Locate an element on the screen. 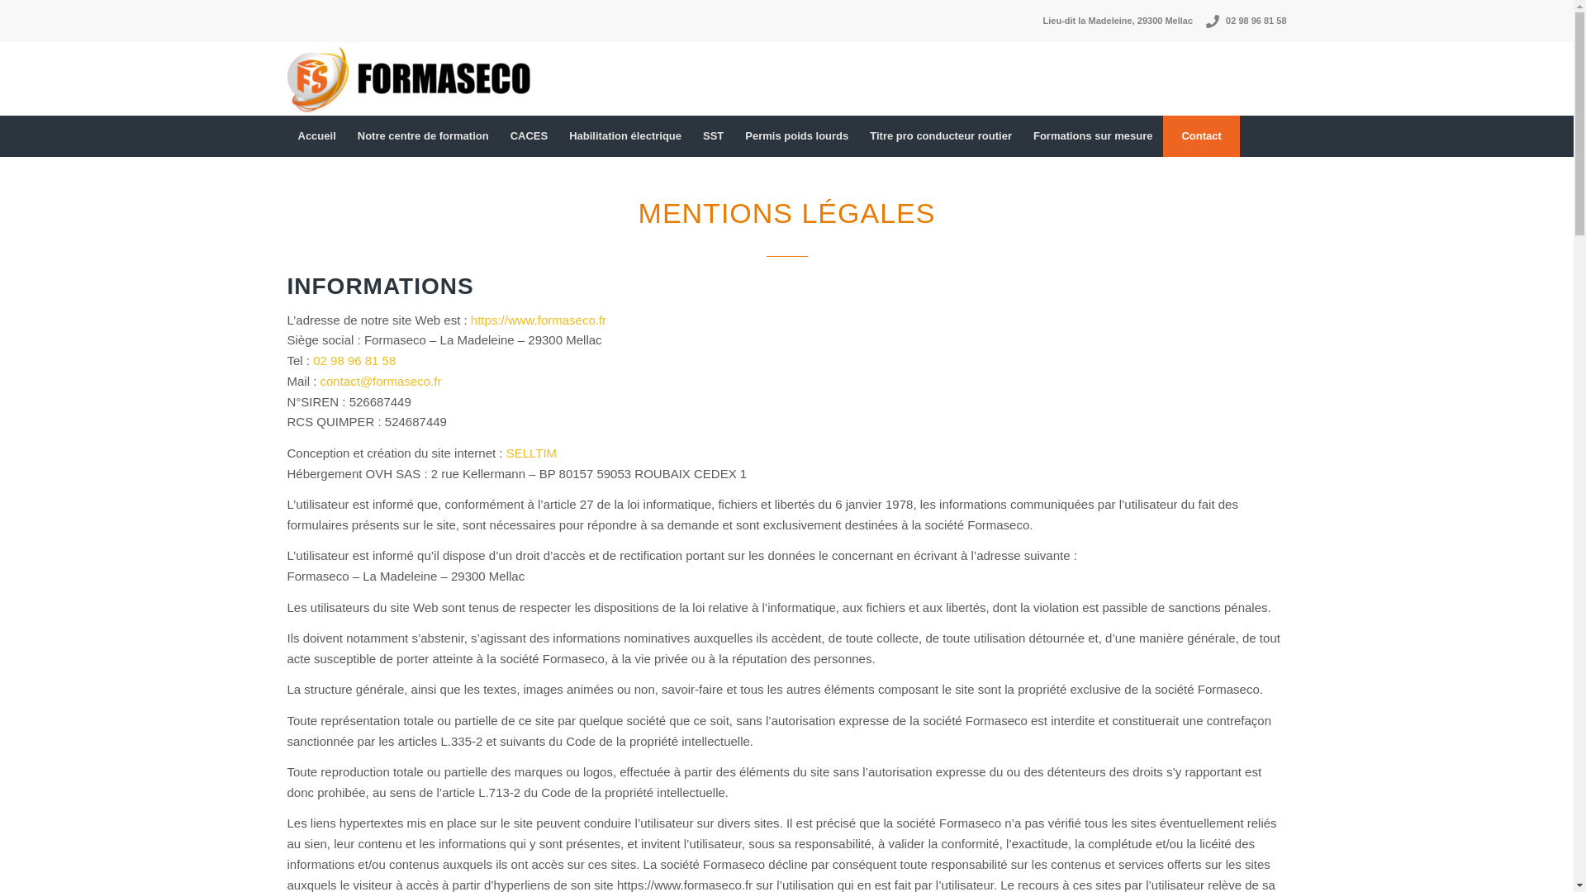  'Notre centre de formation' is located at coordinates (423, 135).